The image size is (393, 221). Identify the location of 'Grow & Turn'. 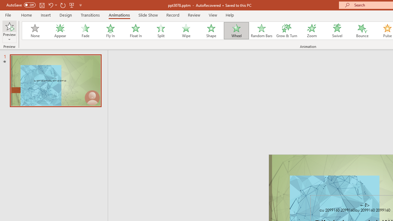
(286, 31).